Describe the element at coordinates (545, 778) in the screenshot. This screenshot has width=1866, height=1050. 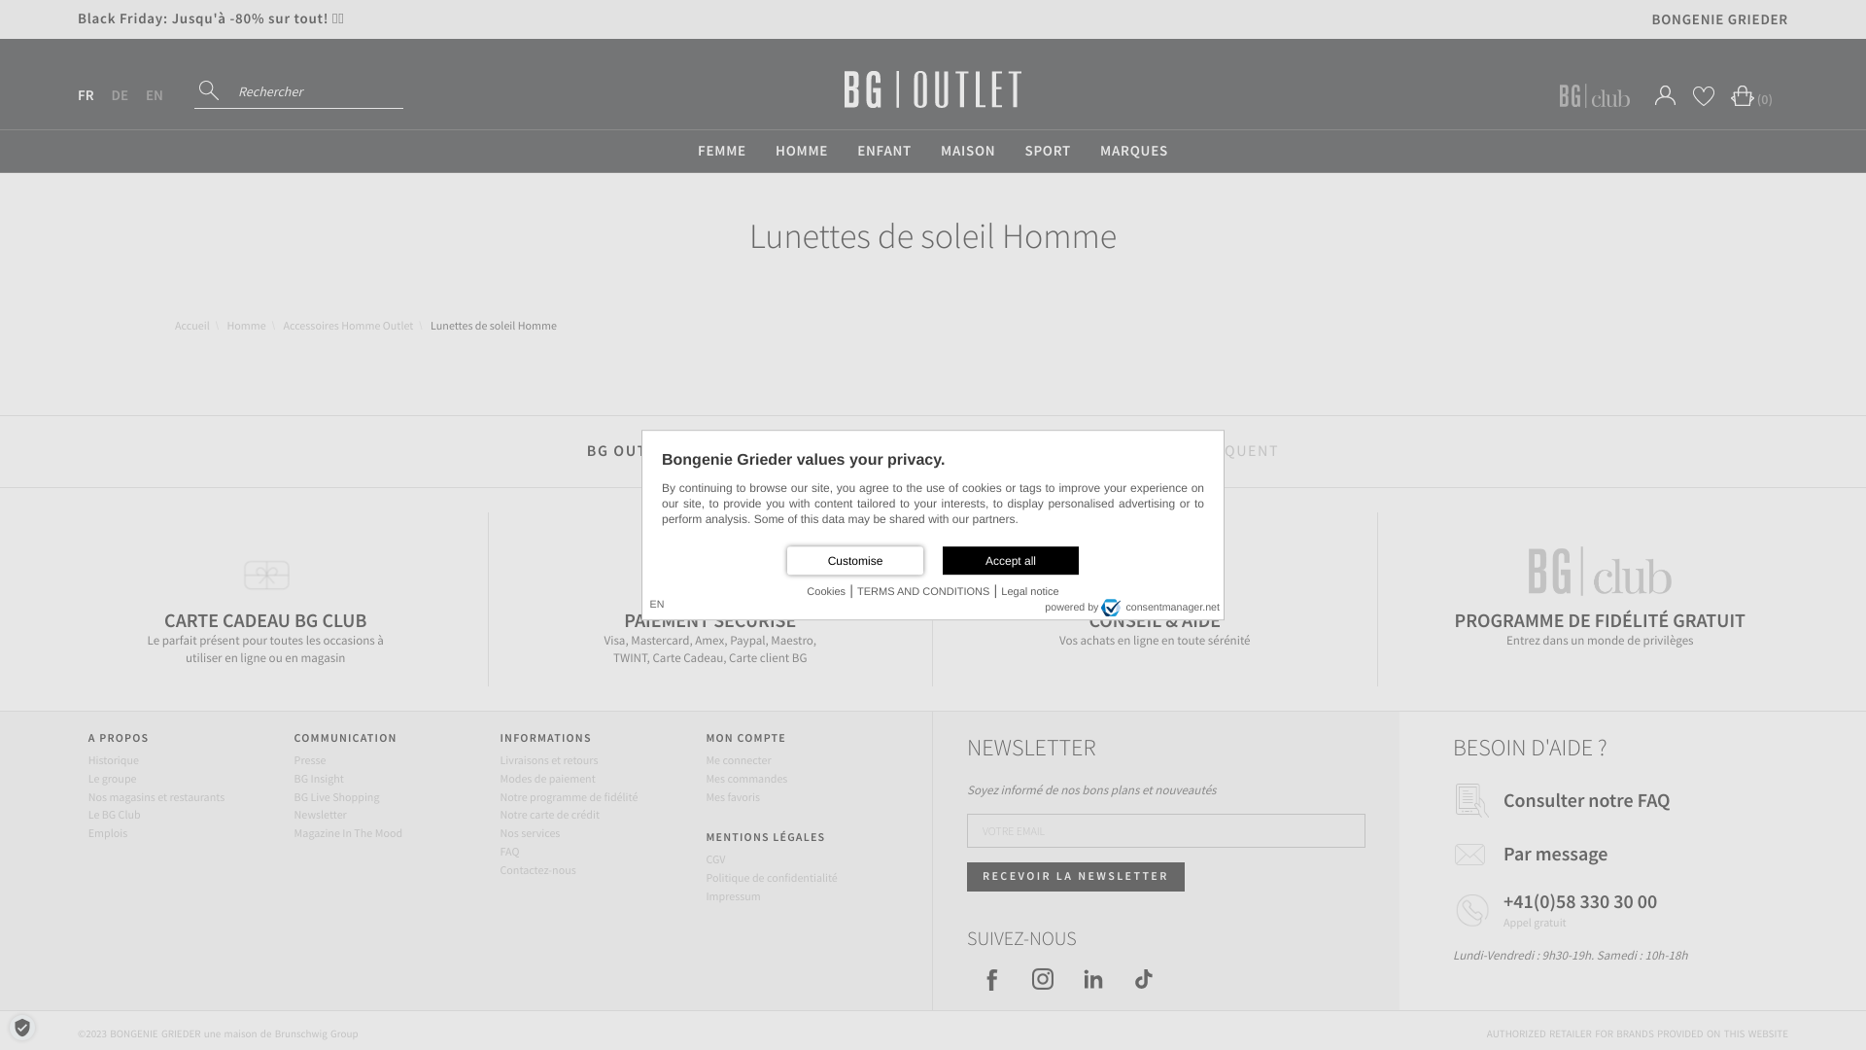
I see `'Modes de paiement'` at that location.